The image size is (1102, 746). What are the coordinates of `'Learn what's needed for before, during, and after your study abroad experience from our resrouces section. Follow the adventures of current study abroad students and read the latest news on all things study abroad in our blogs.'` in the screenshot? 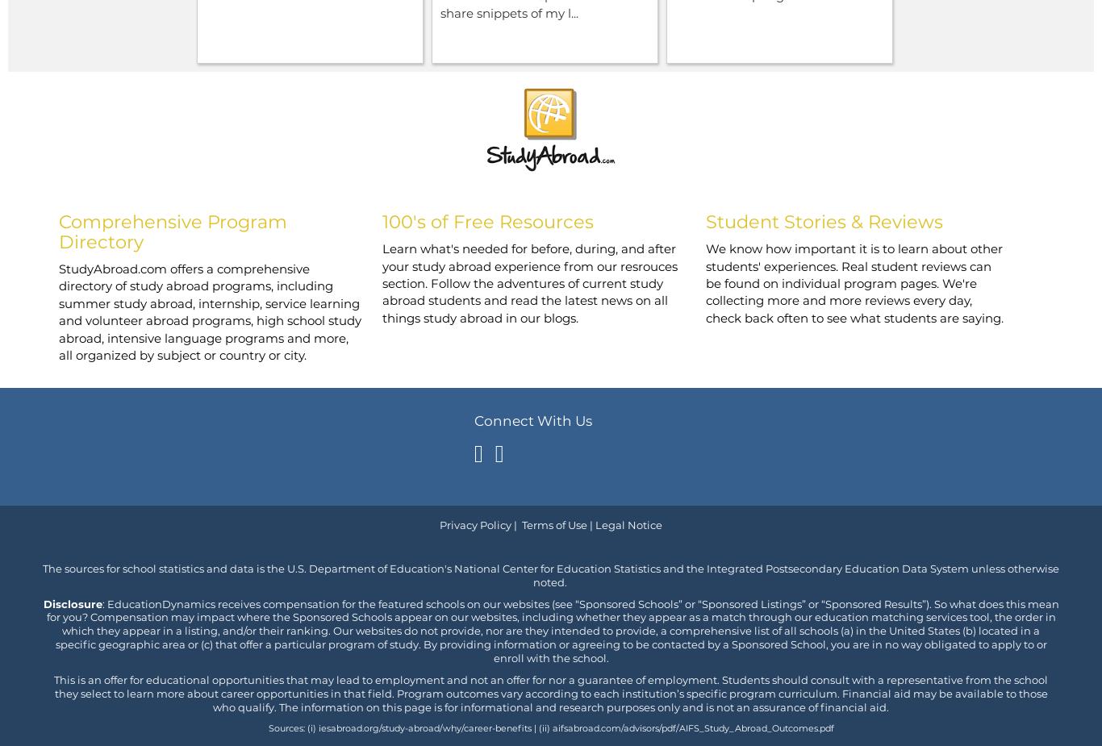 It's located at (528, 282).